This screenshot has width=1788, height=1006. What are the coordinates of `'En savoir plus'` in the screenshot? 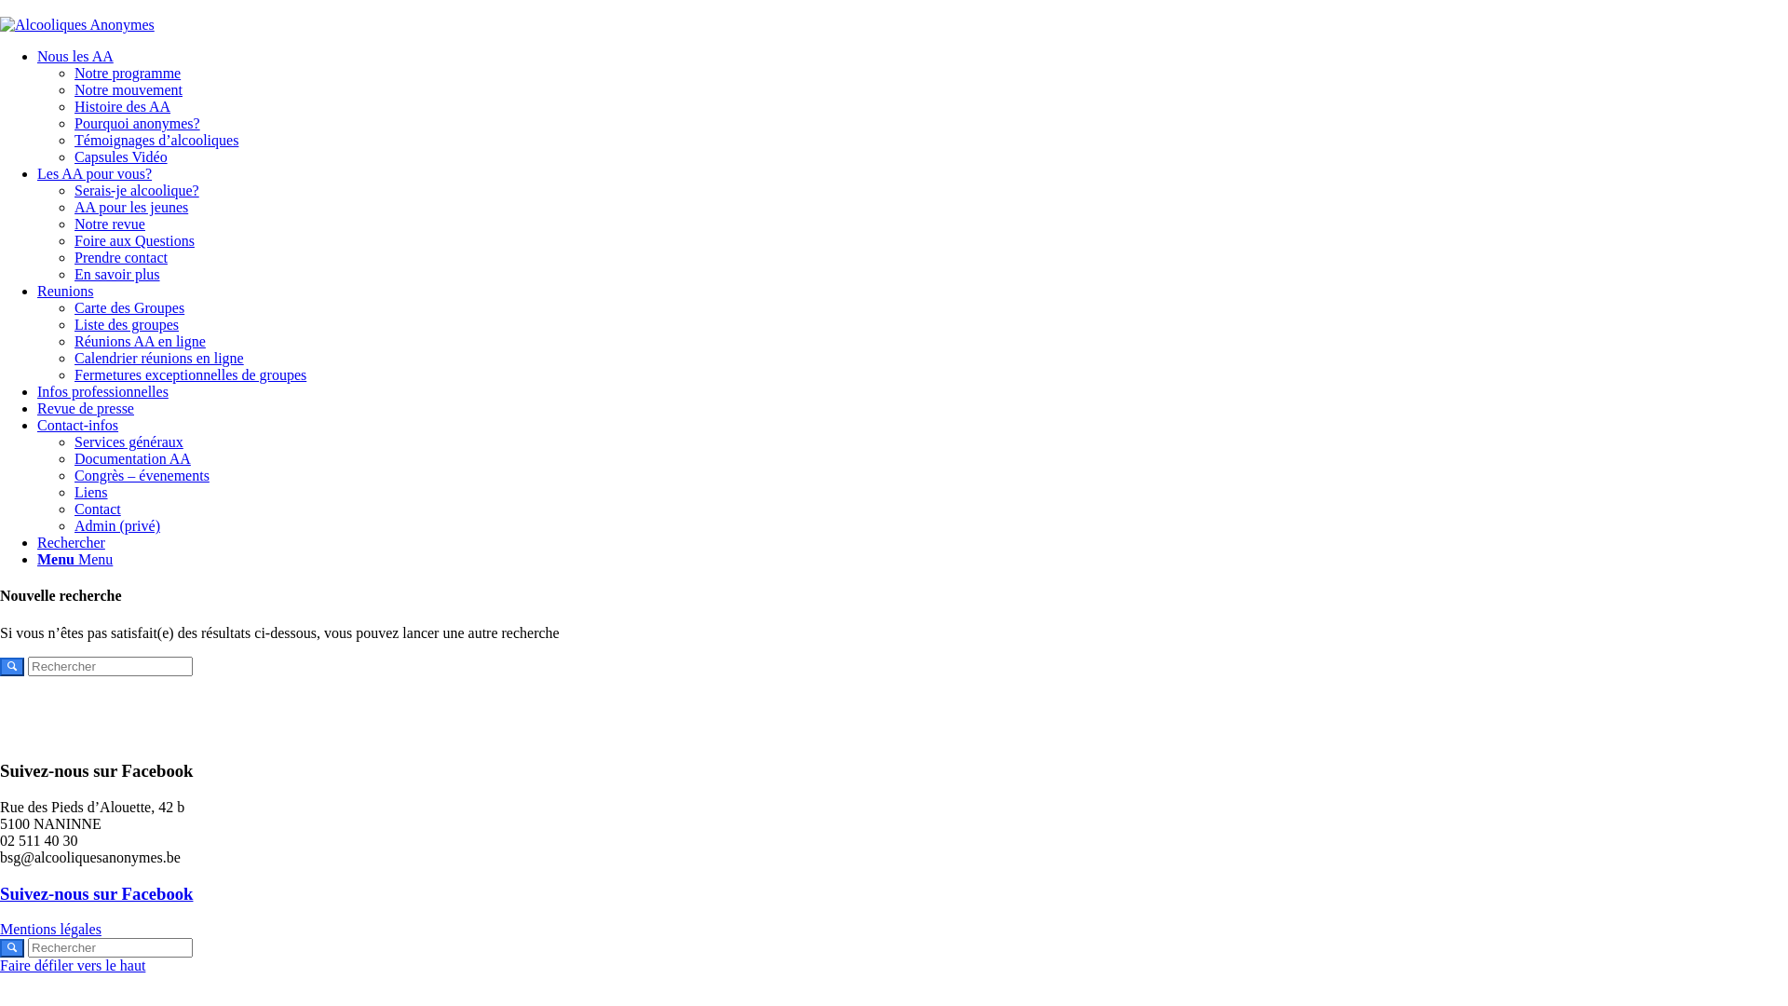 It's located at (115, 274).